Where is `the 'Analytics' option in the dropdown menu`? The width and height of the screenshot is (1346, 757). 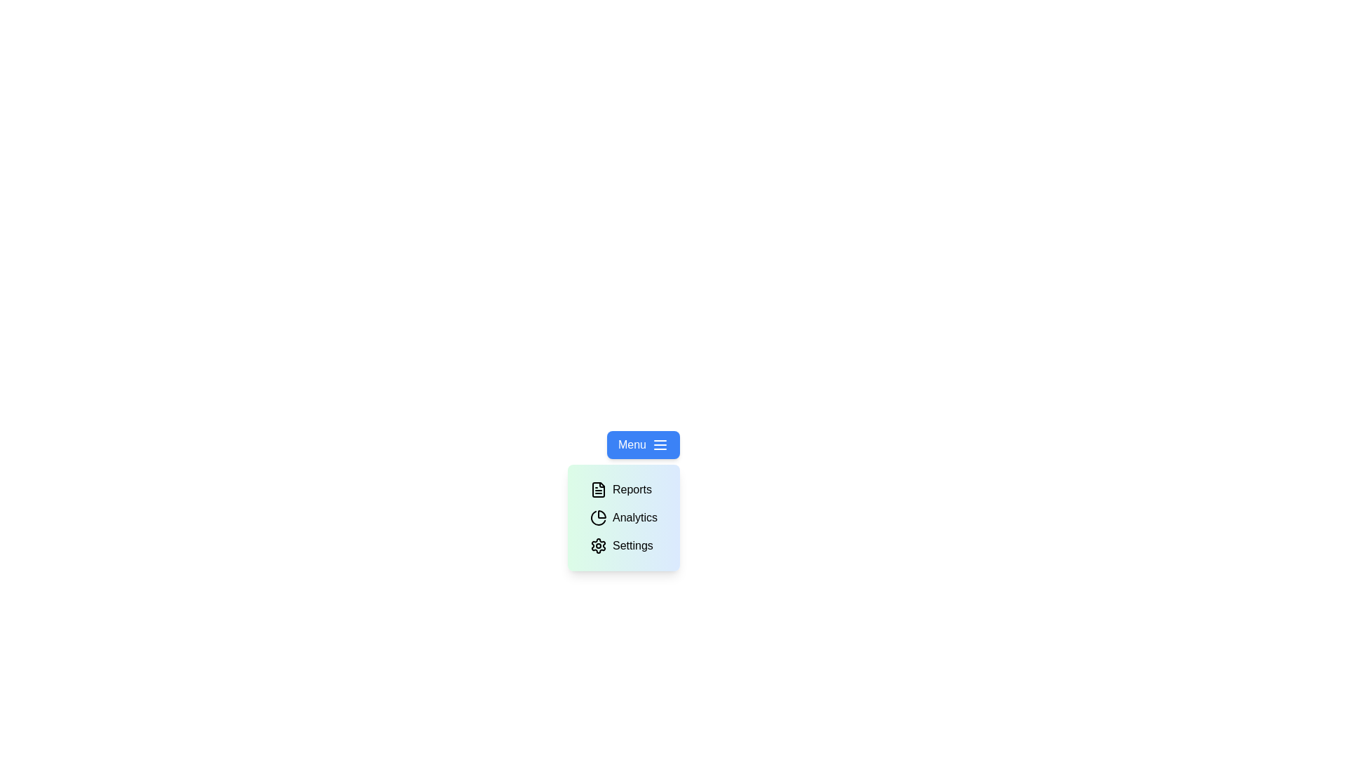 the 'Analytics' option in the dropdown menu is located at coordinates (623, 518).